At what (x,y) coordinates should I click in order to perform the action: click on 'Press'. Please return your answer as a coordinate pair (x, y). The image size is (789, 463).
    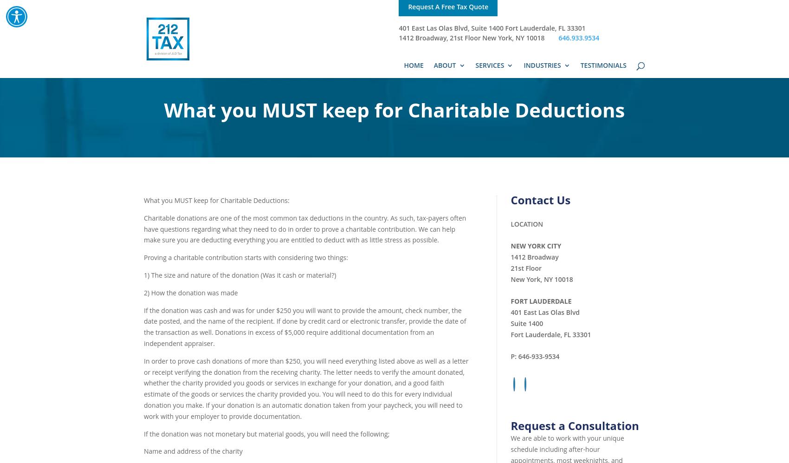
    Looking at the image, I should click on (459, 111).